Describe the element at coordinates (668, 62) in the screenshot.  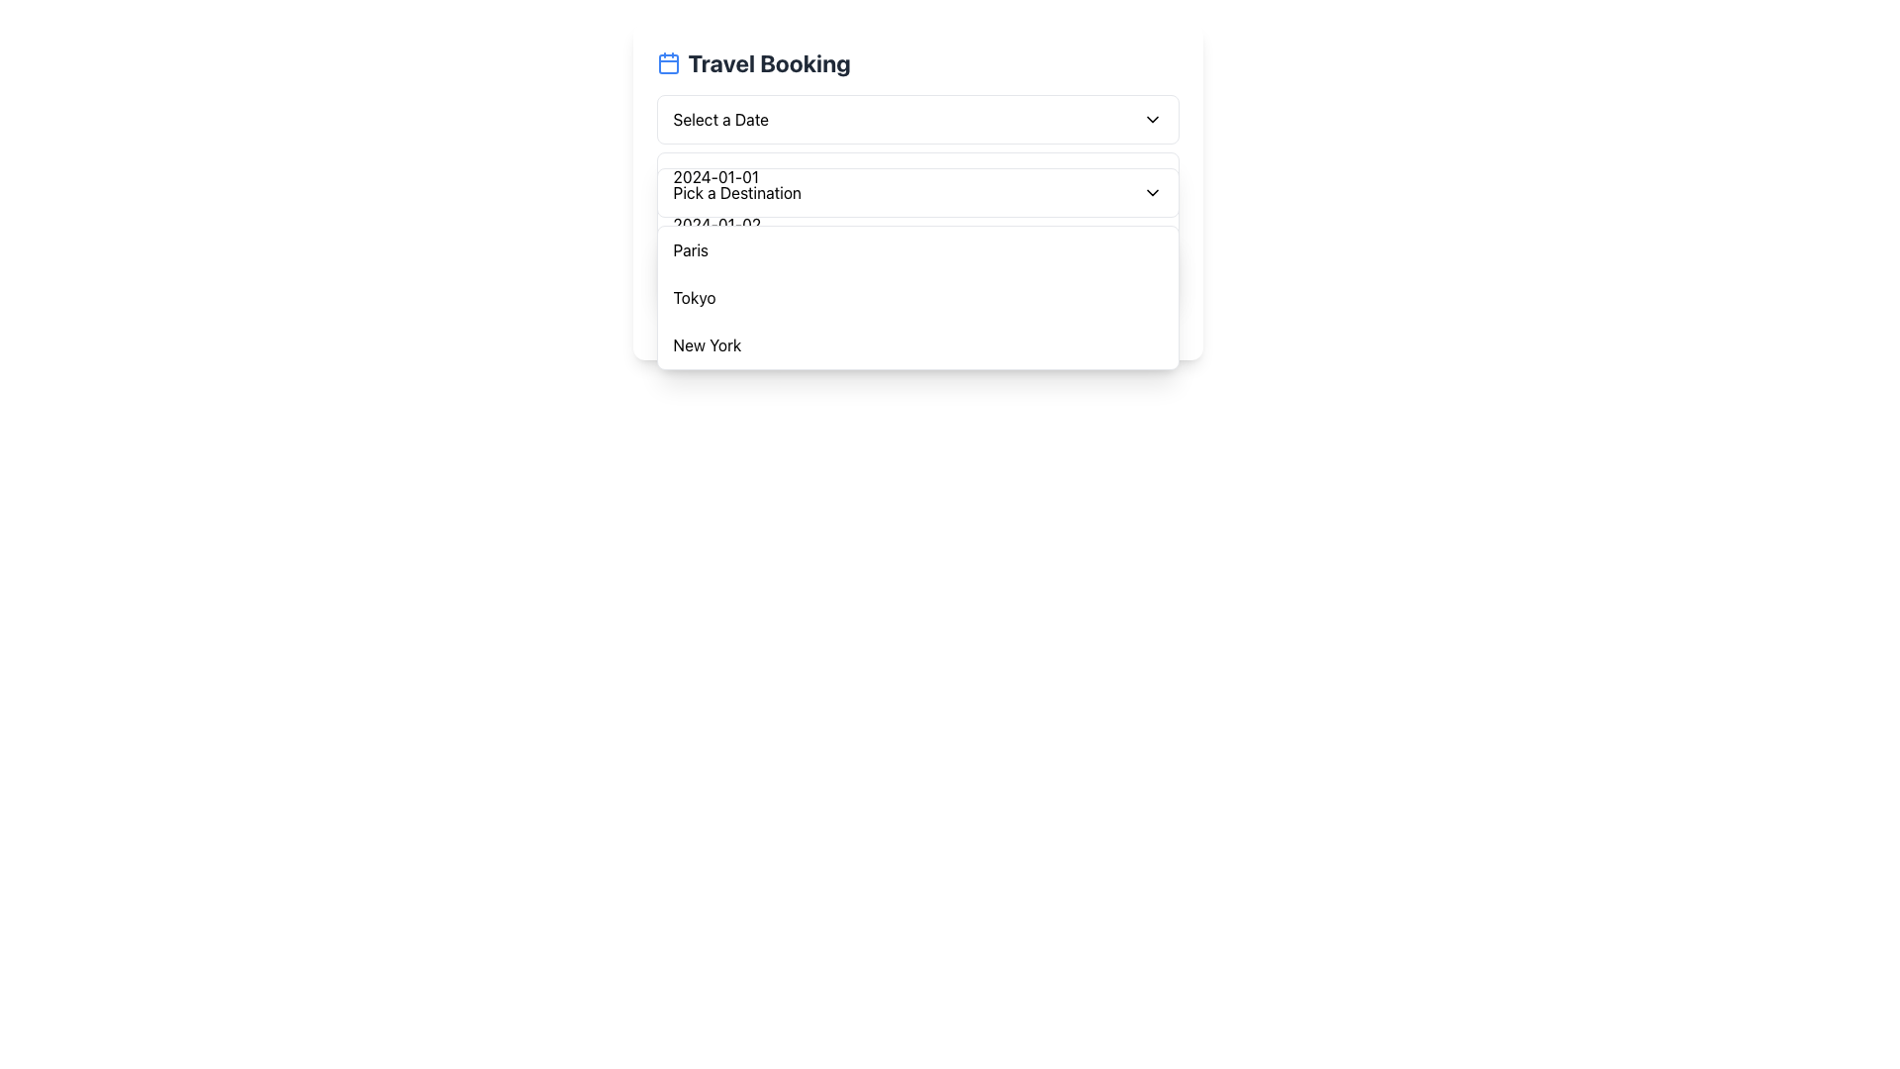
I see `the blue outlined calendar icon located to the left of the 'Travel Booking' title in the header section` at that location.